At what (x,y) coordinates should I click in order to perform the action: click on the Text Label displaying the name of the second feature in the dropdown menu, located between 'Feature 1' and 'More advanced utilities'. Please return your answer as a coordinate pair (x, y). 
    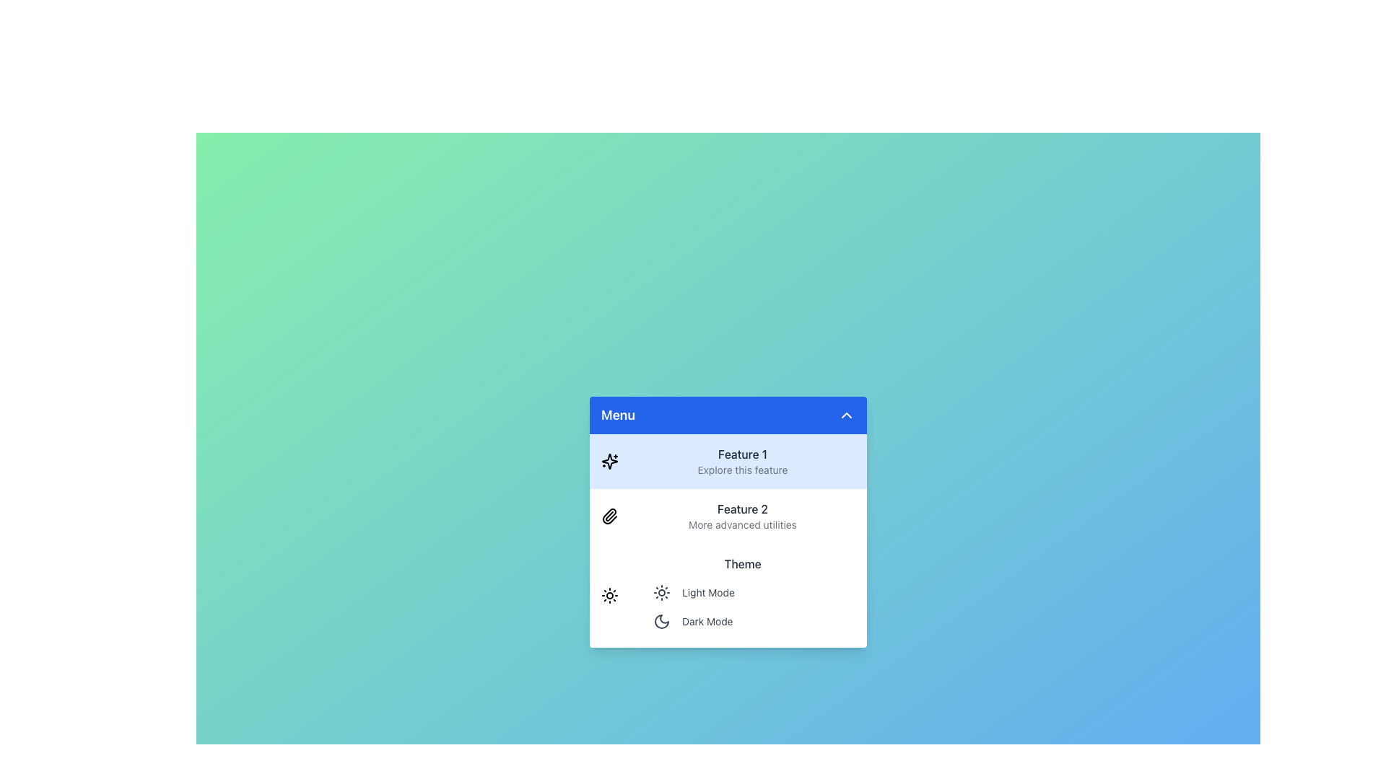
    Looking at the image, I should click on (742, 508).